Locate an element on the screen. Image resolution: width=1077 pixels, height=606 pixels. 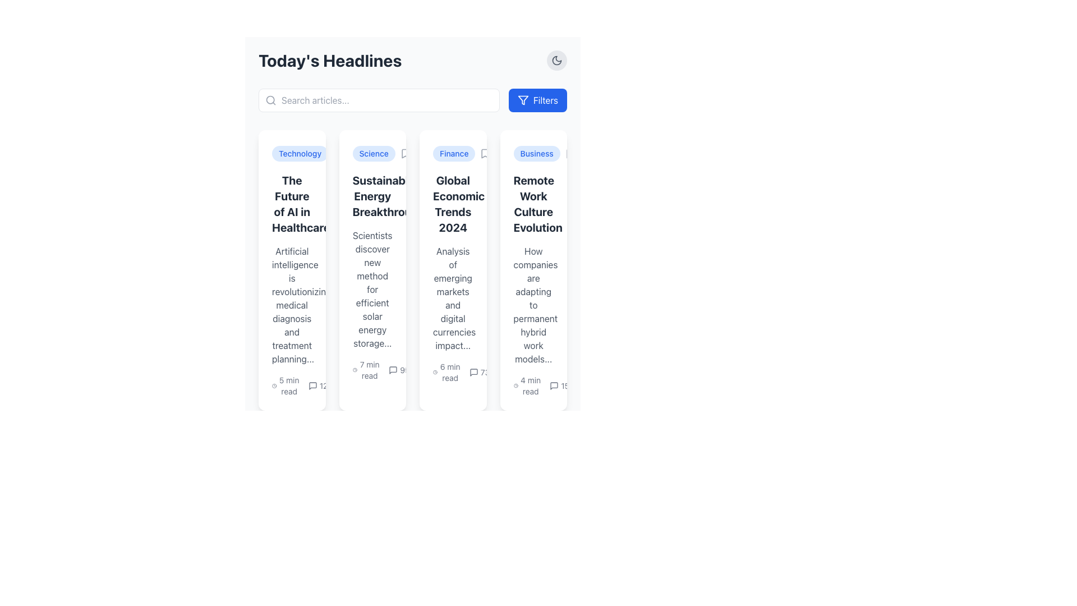
comments counter displayed on the text label located in the lower-right corner of the article card 'The Future of AI in Healthcare' is located at coordinates (320, 385).